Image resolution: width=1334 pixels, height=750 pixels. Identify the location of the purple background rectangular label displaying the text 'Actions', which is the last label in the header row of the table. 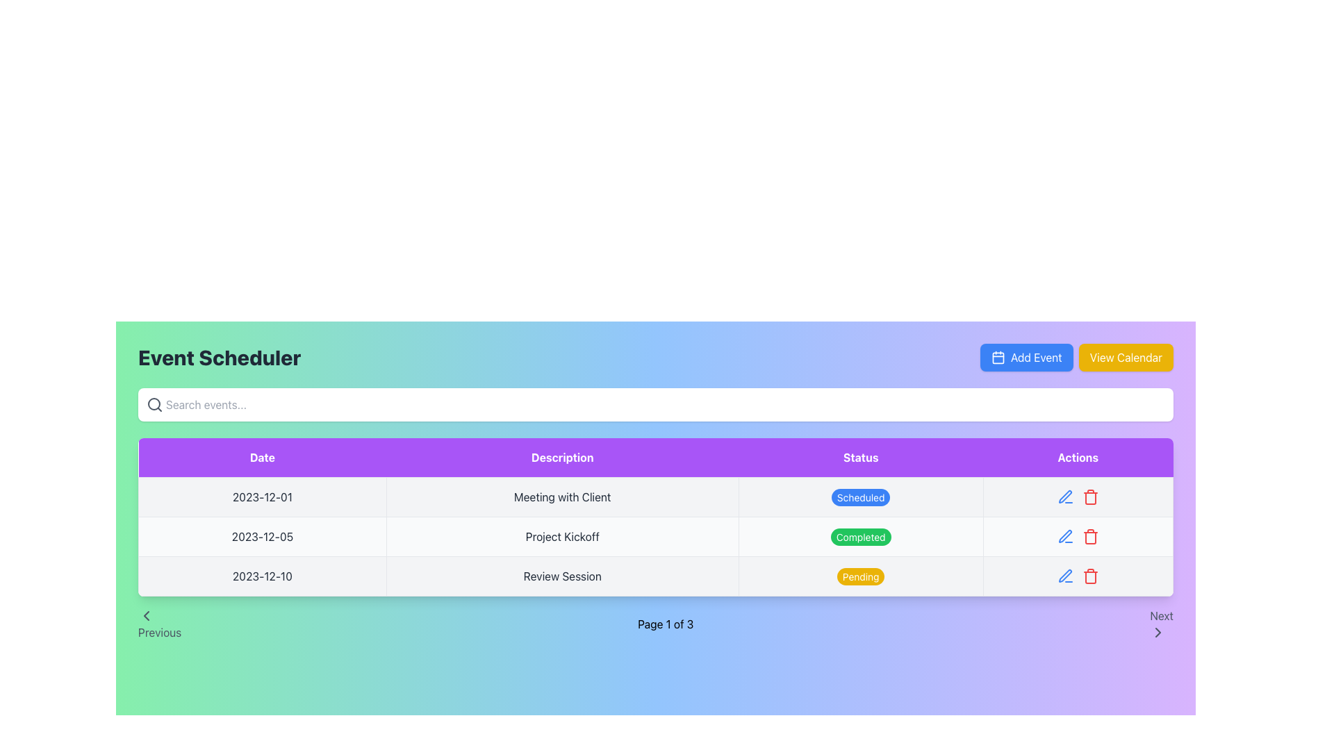
(1077, 458).